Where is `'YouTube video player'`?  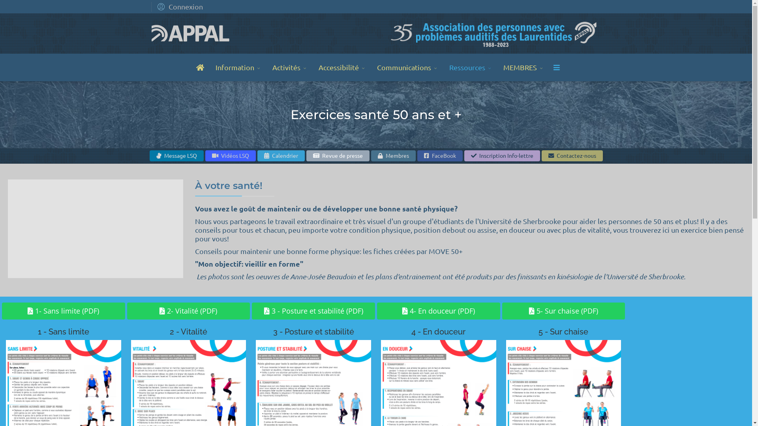 'YouTube video player' is located at coordinates (95, 228).